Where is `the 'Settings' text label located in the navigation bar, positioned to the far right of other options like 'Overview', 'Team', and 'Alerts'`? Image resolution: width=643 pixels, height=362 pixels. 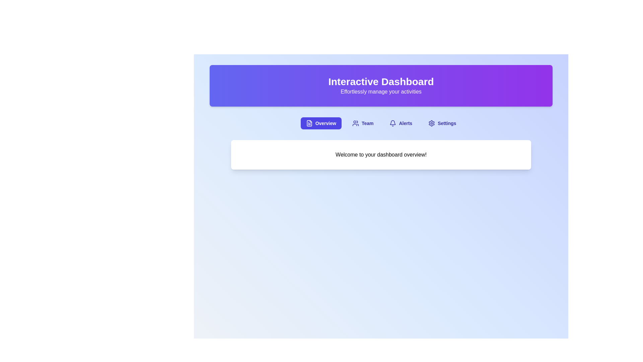 the 'Settings' text label located in the navigation bar, positioned to the far right of other options like 'Overview', 'Team', and 'Alerts' is located at coordinates (447, 123).